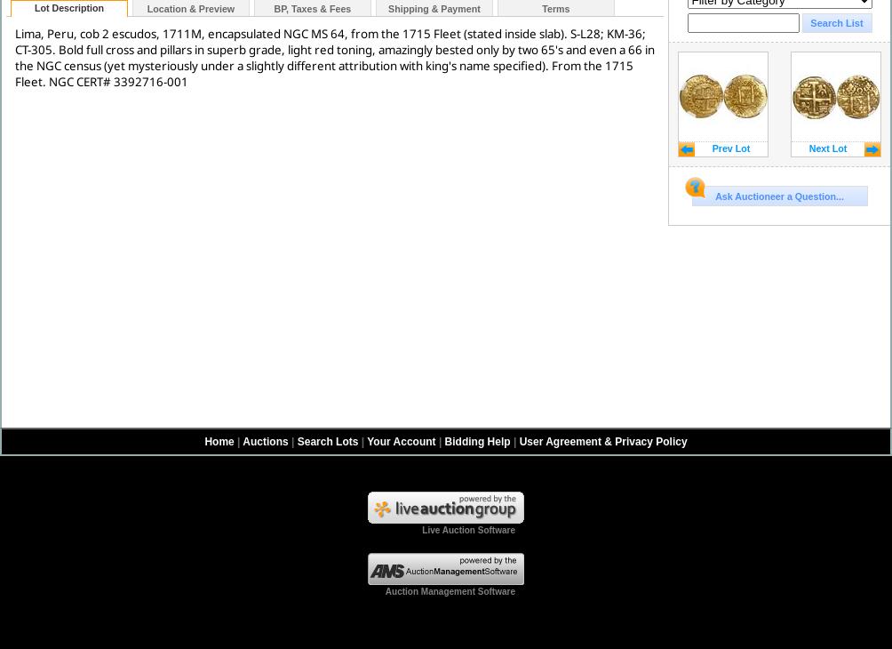  What do you see at coordinates (514, 623) in the screenshot?
I see `'|
				P.O. Box 1964, Winter Park, Florida, 32790, United States |
				All Rights Reserved - Copyright © 2023'` at bounding box center [514, 623].